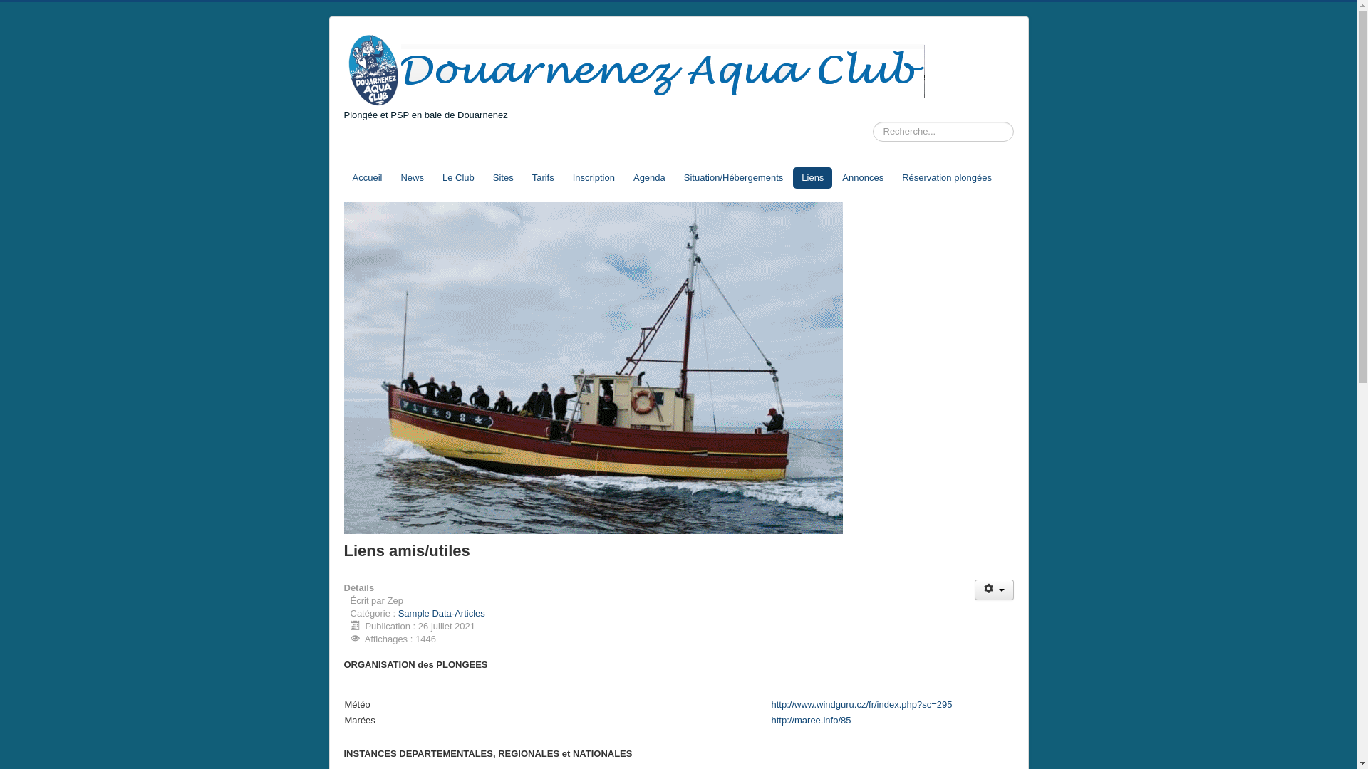 The image size is (1368, 769). Describe the element at coordinates (648, 177) in the screenshot. I see `'Agenda'` at that location.